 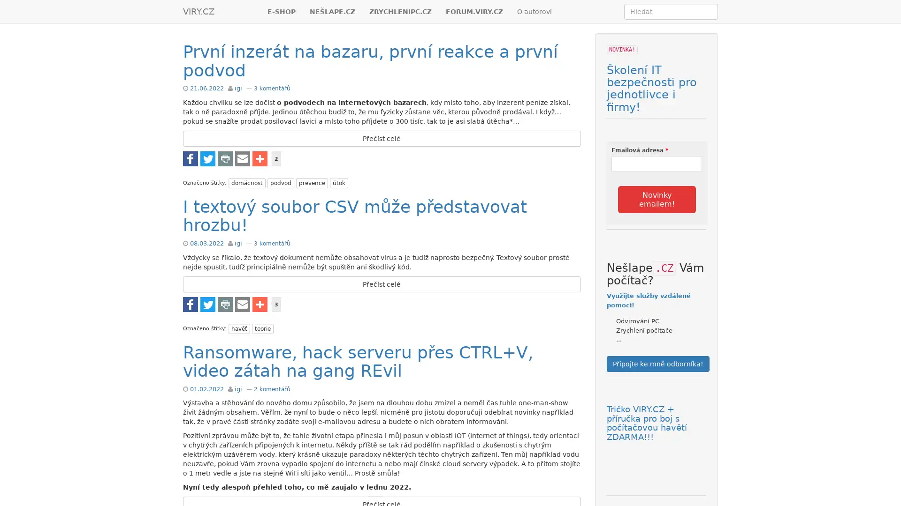 What do you see at coordinates (207, 158) in the screenshot?
I see `Share to Twitter` at bounding box center [207, 158].